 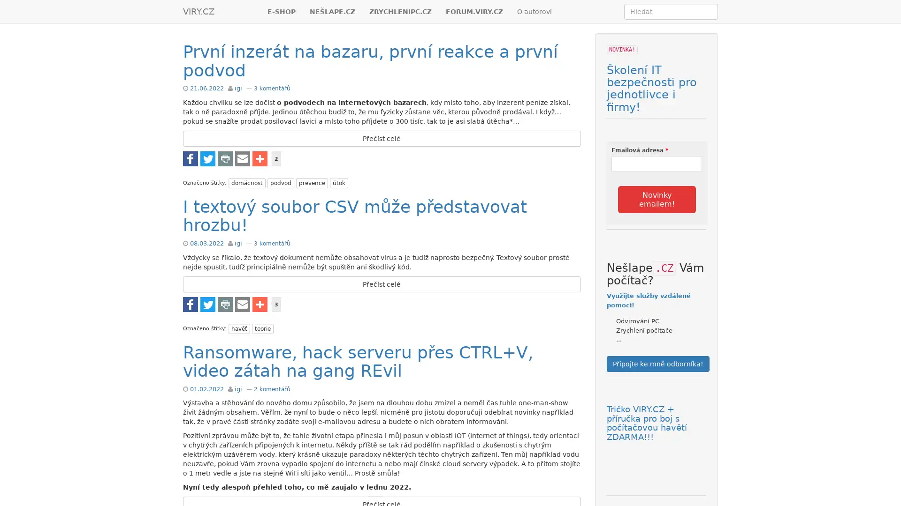 What do you see at coordinates (207, 158) in the screenshot?
I see `Share to Twitter` at bounding box center [207, 158].